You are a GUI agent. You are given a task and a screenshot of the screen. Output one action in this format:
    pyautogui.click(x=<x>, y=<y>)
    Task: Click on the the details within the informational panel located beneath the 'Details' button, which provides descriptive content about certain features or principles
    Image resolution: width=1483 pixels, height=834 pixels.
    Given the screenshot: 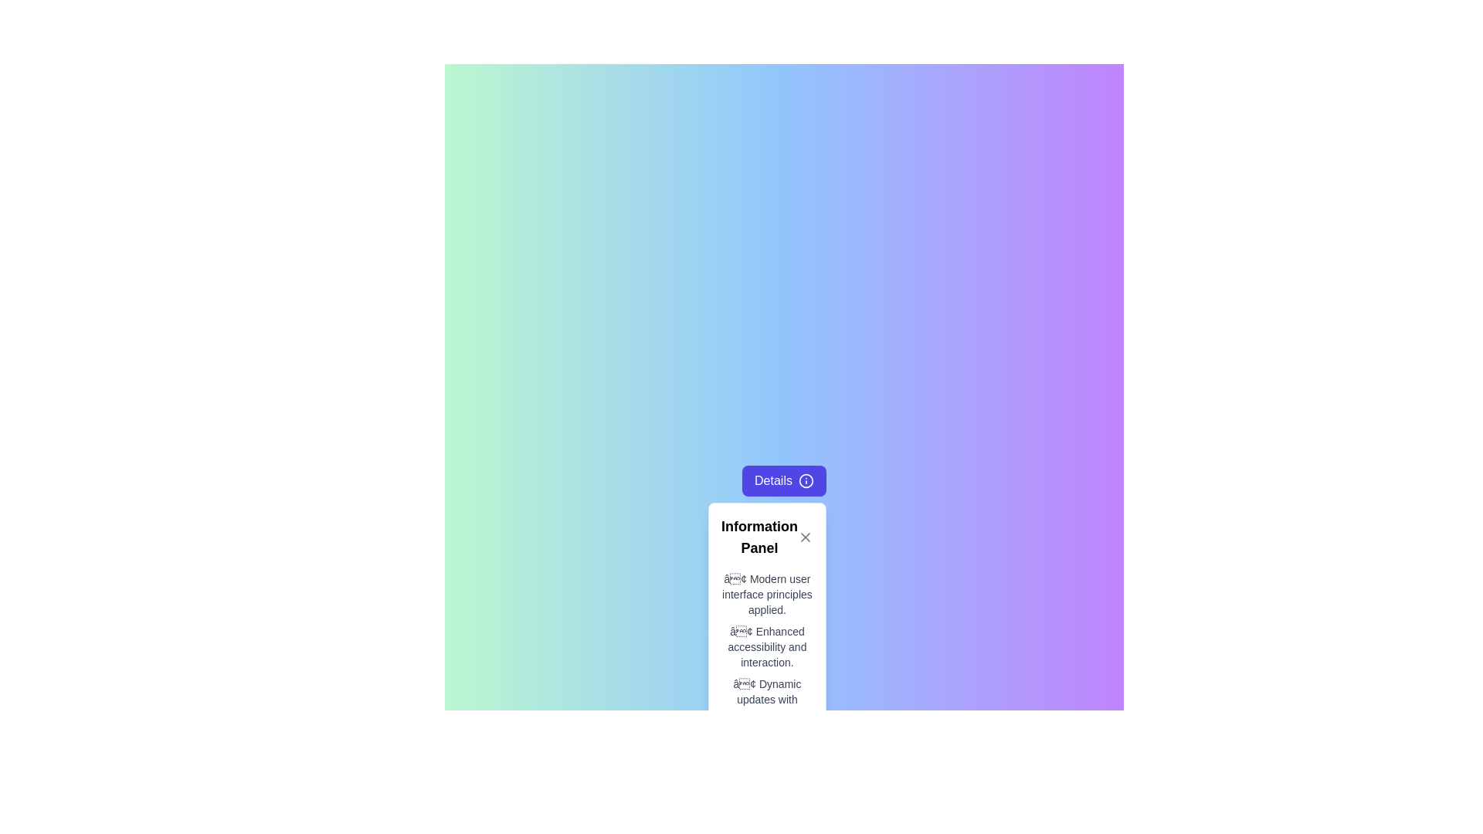 What is the action you would take?
    pyautogui.click(x=767, y=619)
    